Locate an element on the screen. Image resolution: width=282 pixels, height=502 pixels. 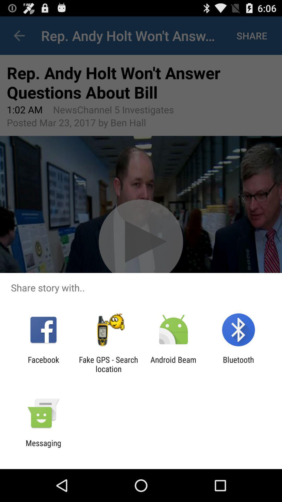
fake gps search item is located at coordinates (108, 364).